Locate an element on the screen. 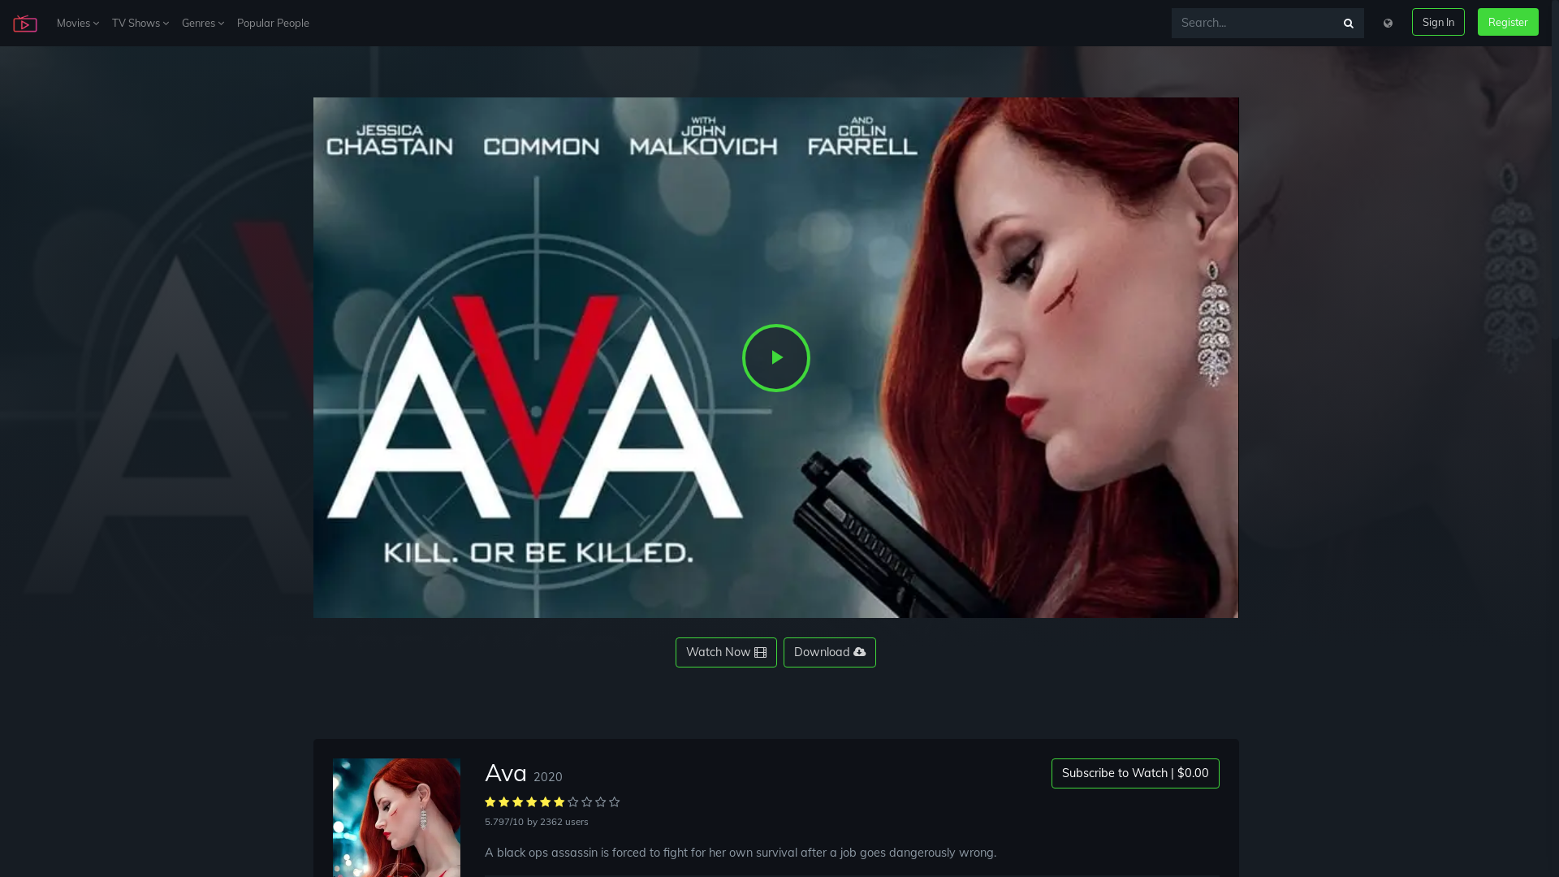 The height and width of the screenshot is (877, 1559). 'Subscribe to Watch | $0.00' is located at coordinates (1134, 772).